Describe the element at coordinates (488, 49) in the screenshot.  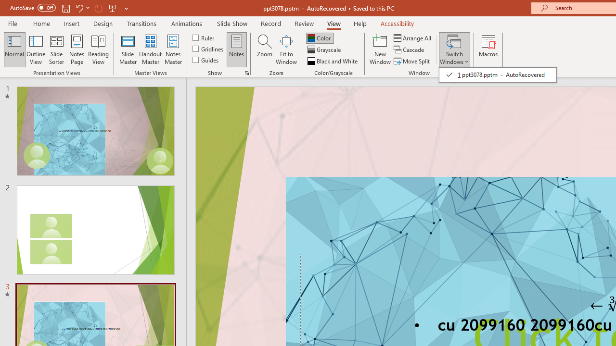
I see `'Macros'` at that location.